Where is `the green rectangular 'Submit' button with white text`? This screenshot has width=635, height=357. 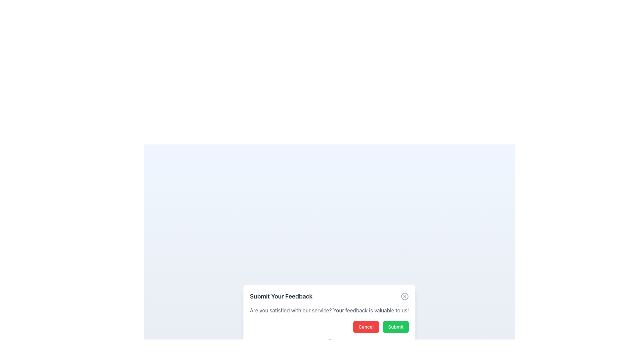 the green rectangular 'Submit' button with white text is located at coordinates (396, 326).